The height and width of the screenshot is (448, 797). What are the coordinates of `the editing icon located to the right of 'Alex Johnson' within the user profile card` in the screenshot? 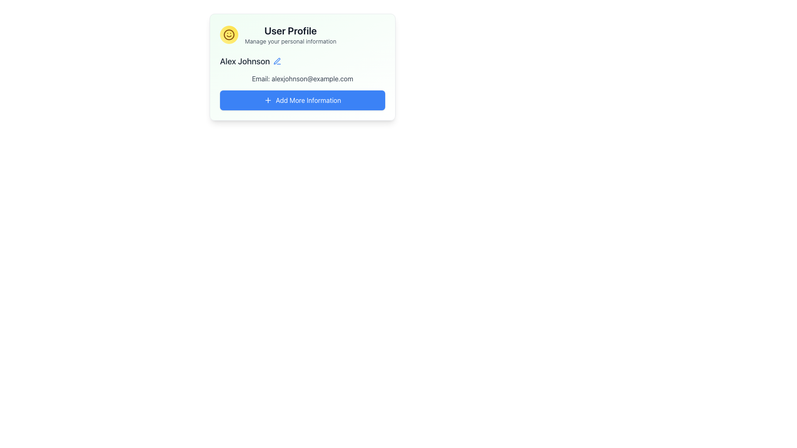 It's located at (277, 61).